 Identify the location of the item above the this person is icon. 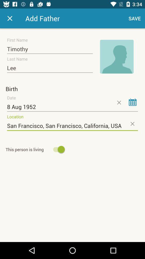
(73, 126).